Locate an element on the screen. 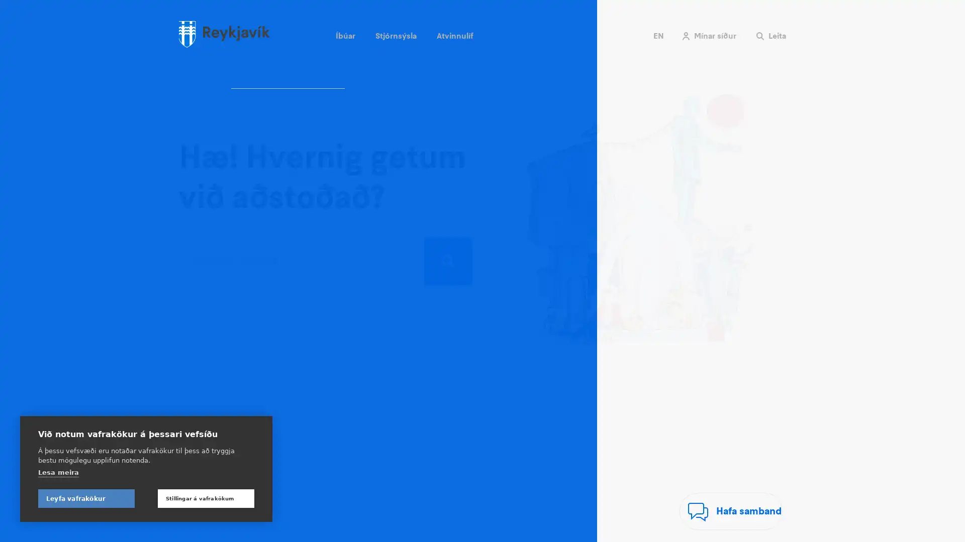  Hafa samband is located at coordinates (736, 503).